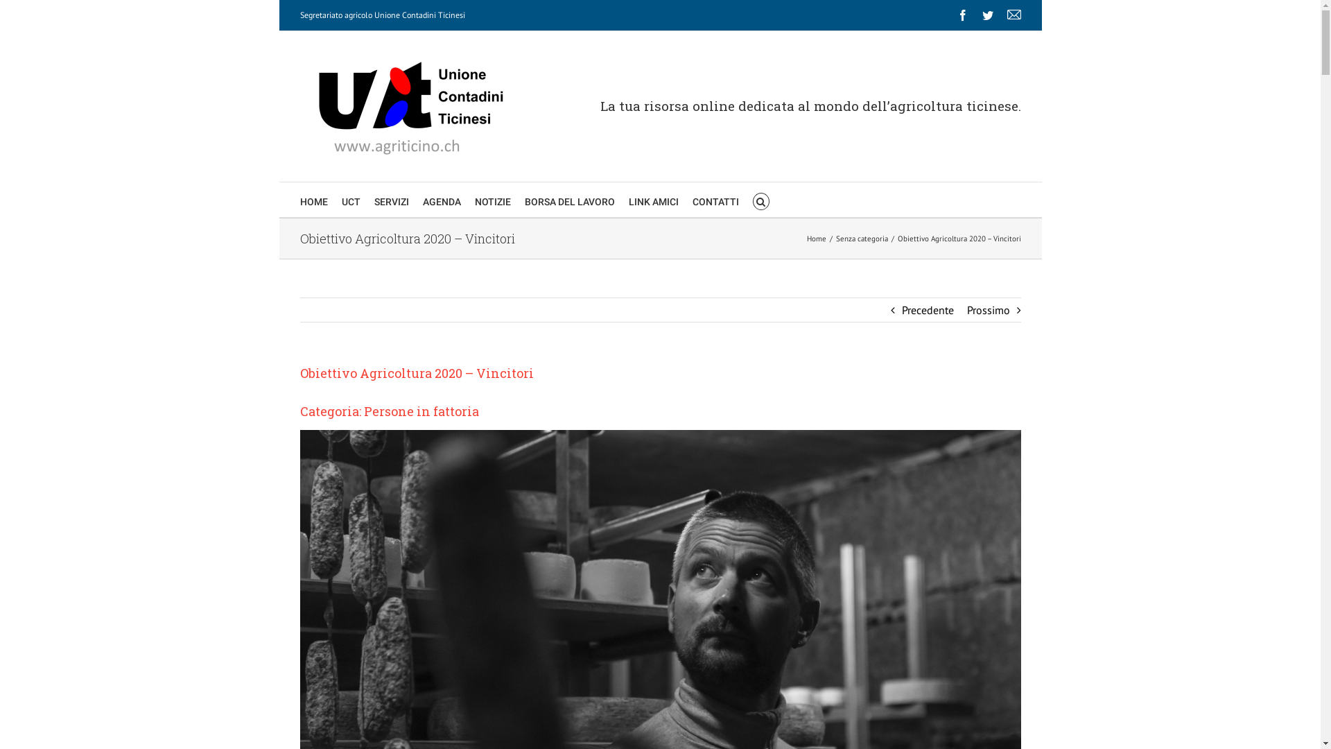 This screenshot has width=1331, height=749. Describe the element at coordinates (760, 200) in the screenshot. I see `'Cerca'` at that location.